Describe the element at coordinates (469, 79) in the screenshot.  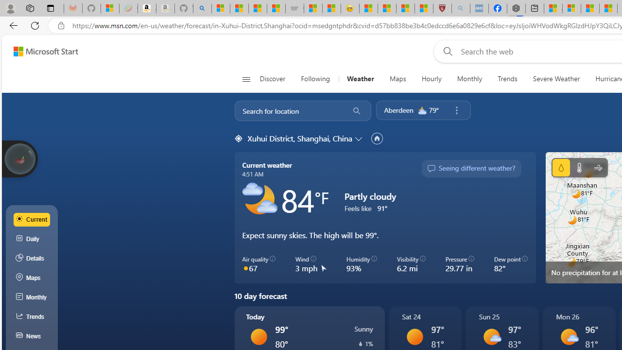
I see `'Monthly'` at that location.